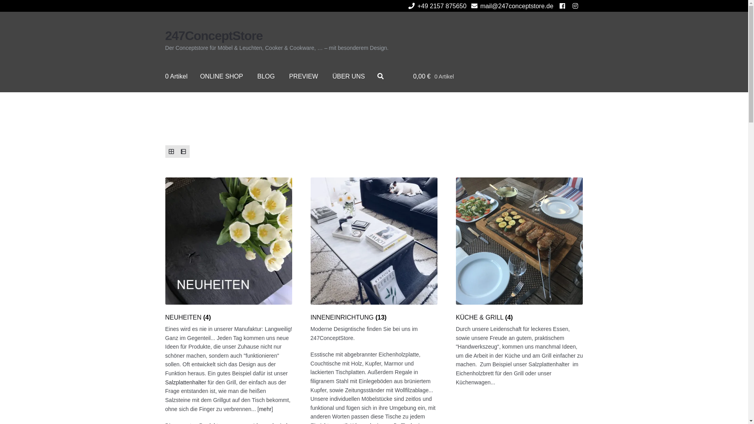  I want to click on 'Salzplattenhalter', so click(185, 382).